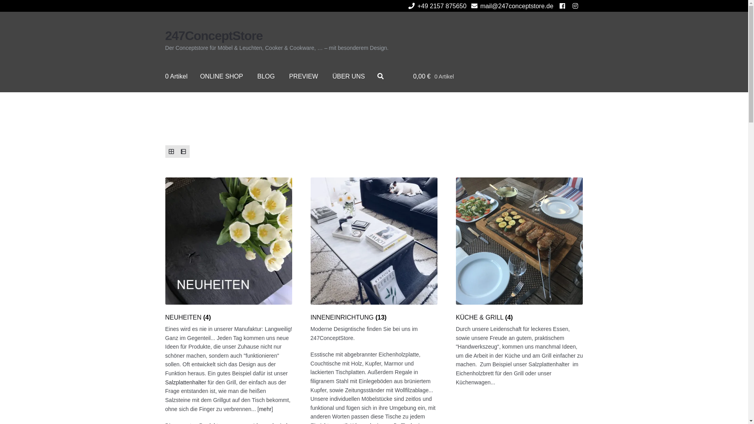  I want to click on 'Salzplattenhalter', so click(185, 382).